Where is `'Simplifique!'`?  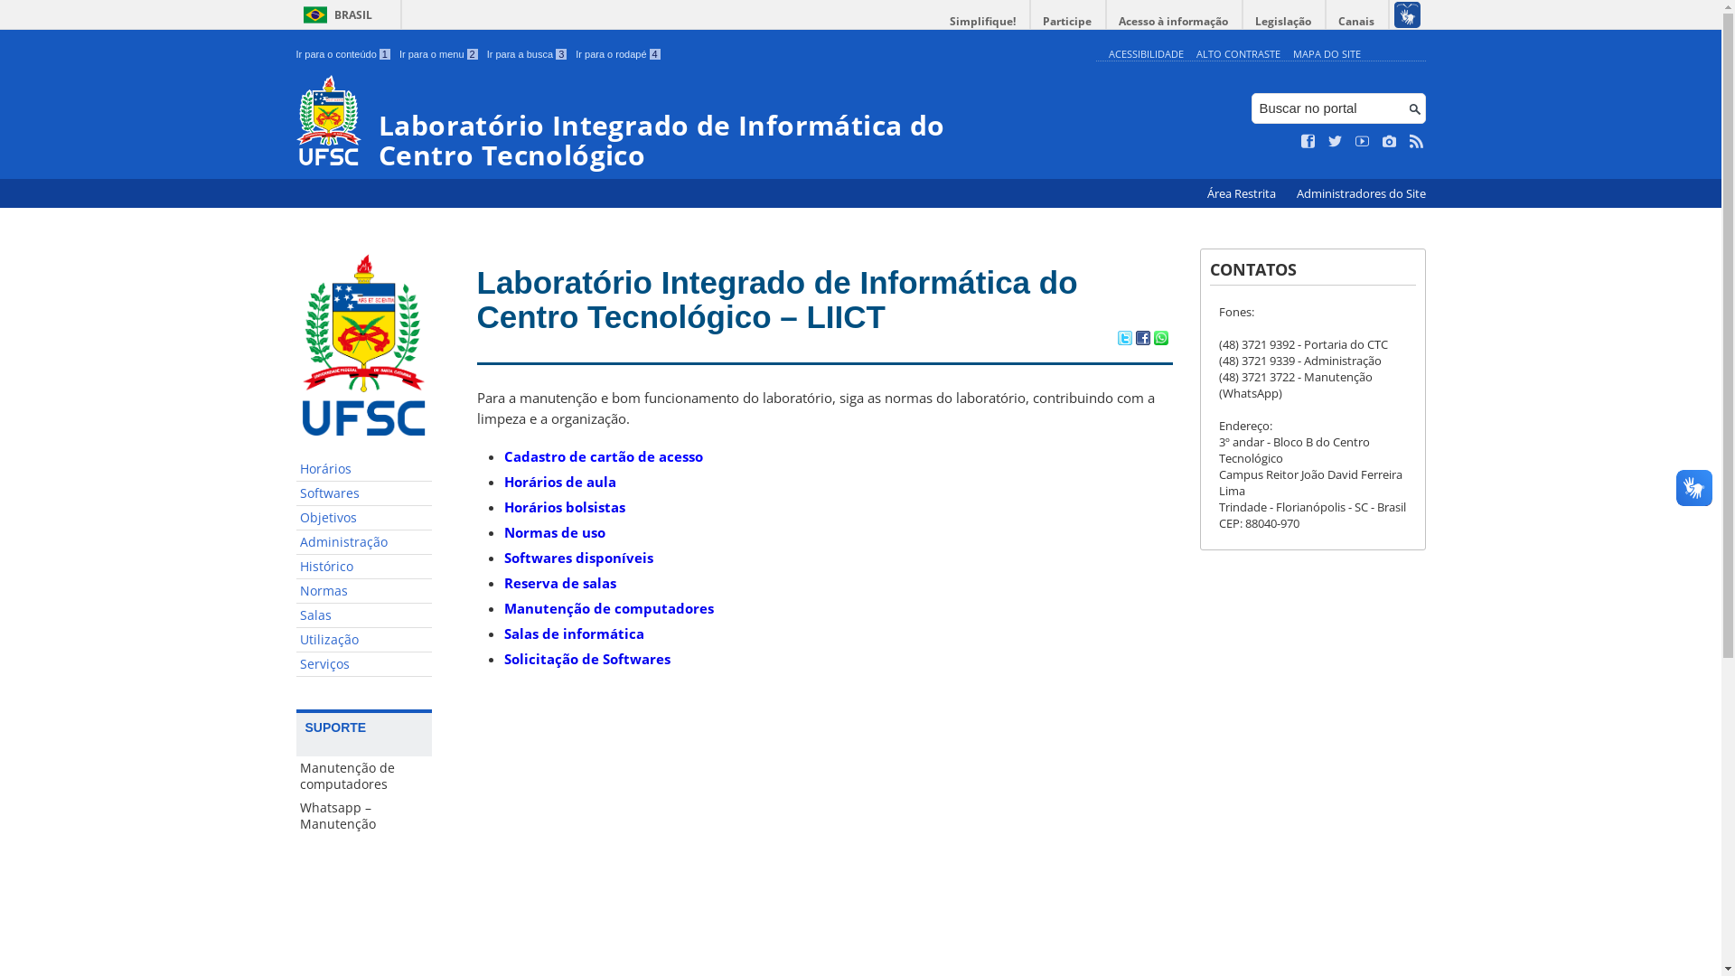 'Simplifique!' is located at coordinates (982, 21).